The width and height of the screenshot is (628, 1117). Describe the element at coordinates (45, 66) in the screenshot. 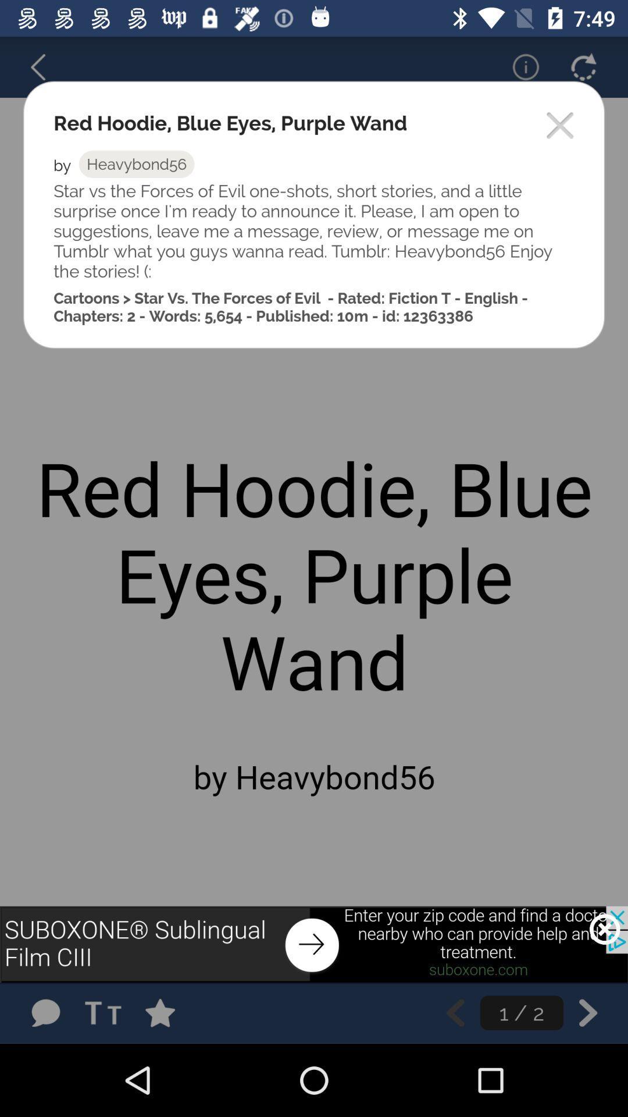

I see `the arrow_backward icon` at that location.